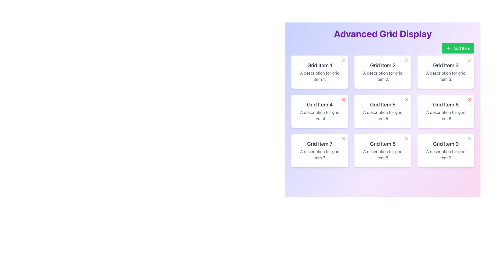  What do you see at coordinates (446, 154) in the screenshot?
I see `the text label displaying 'A description for grid item 9.' located beneath the heading 'Grid Item 9' in the bottom-right card of the grid layout` at bounding box center [446, 154].